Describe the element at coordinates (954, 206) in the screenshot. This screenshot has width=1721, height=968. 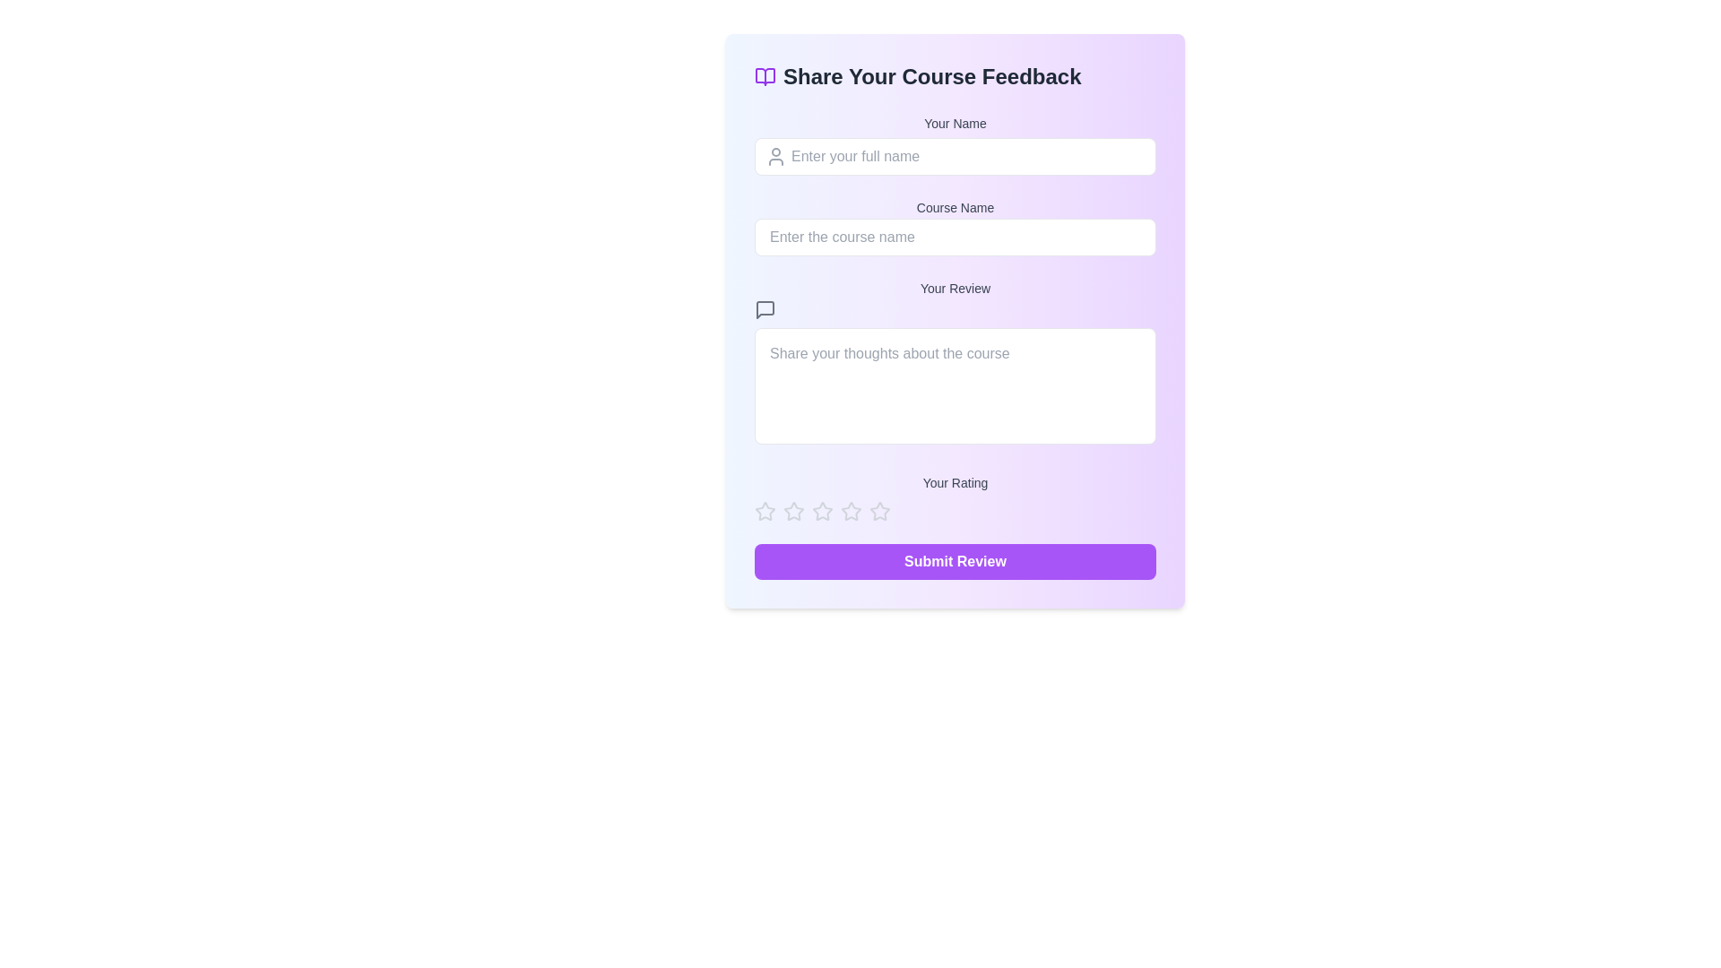
I see `the descriptive label for the course input field located above the text input field in the 'Share Your Course Feedback' form` at that location.